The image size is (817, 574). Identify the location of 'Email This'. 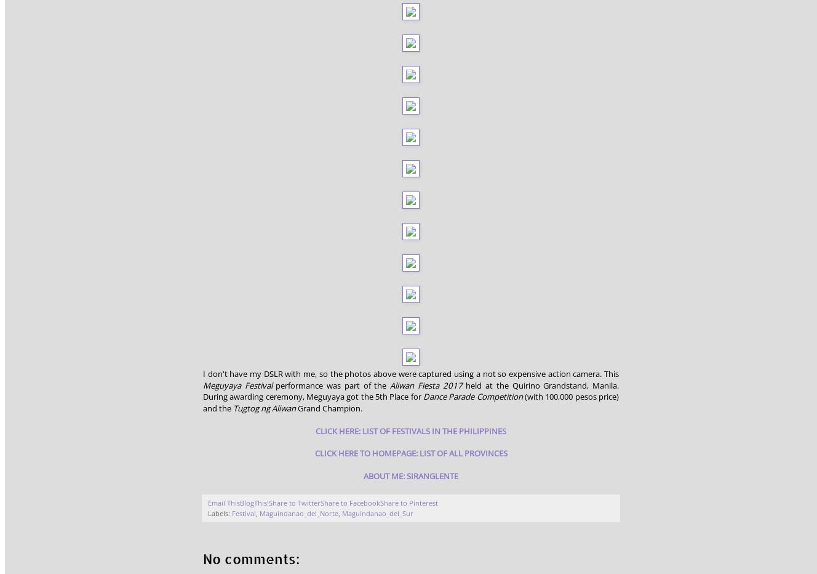
(223, 502).